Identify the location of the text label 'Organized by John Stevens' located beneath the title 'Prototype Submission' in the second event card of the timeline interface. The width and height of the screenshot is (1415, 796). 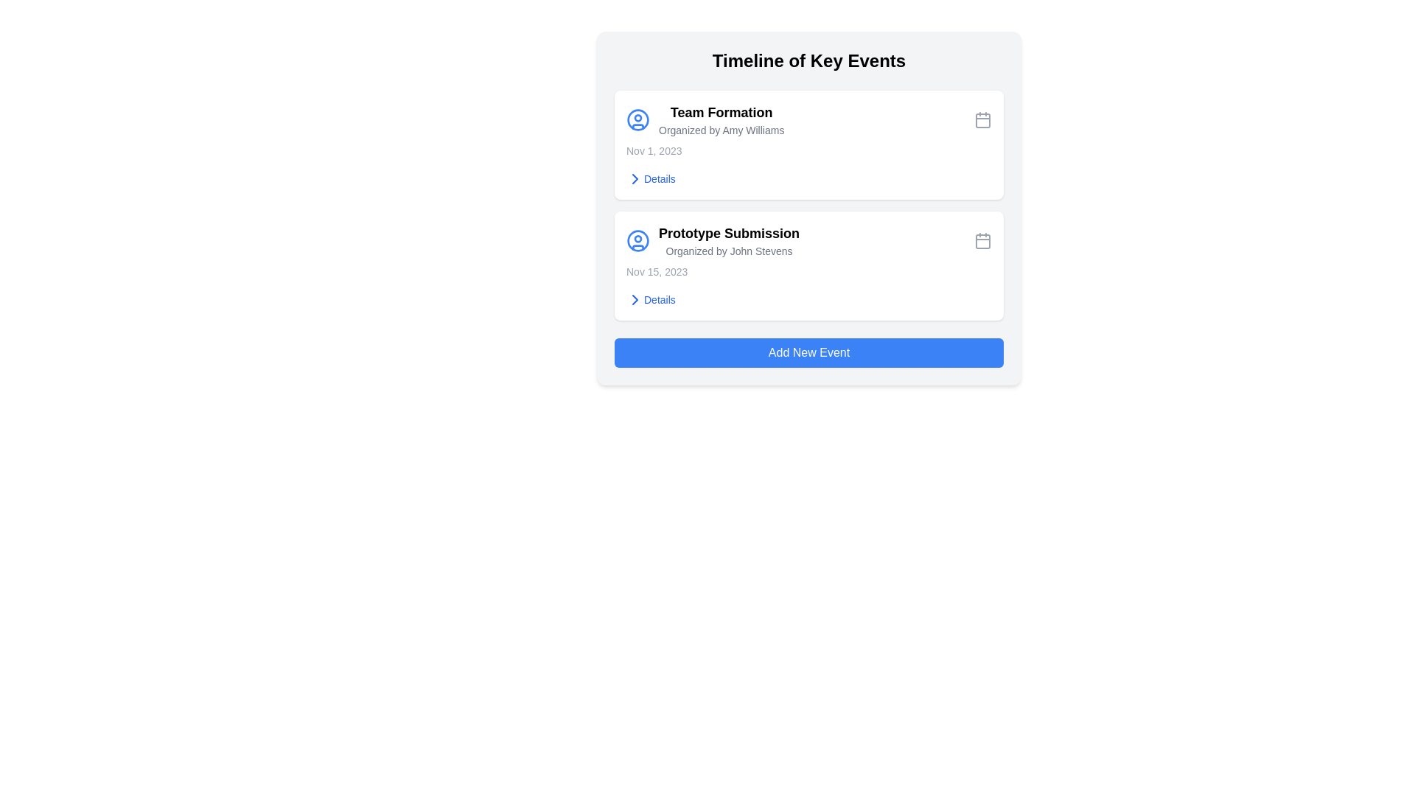
(729, 250).